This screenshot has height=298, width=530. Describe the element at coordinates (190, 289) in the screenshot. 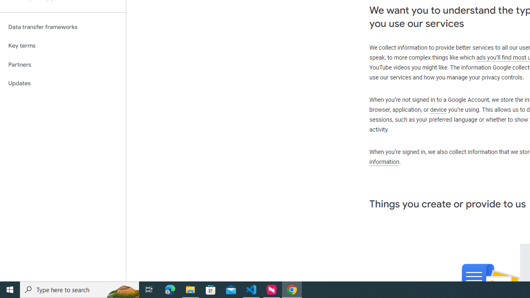

I see `'File Explorer - 1 running window'` at that location.